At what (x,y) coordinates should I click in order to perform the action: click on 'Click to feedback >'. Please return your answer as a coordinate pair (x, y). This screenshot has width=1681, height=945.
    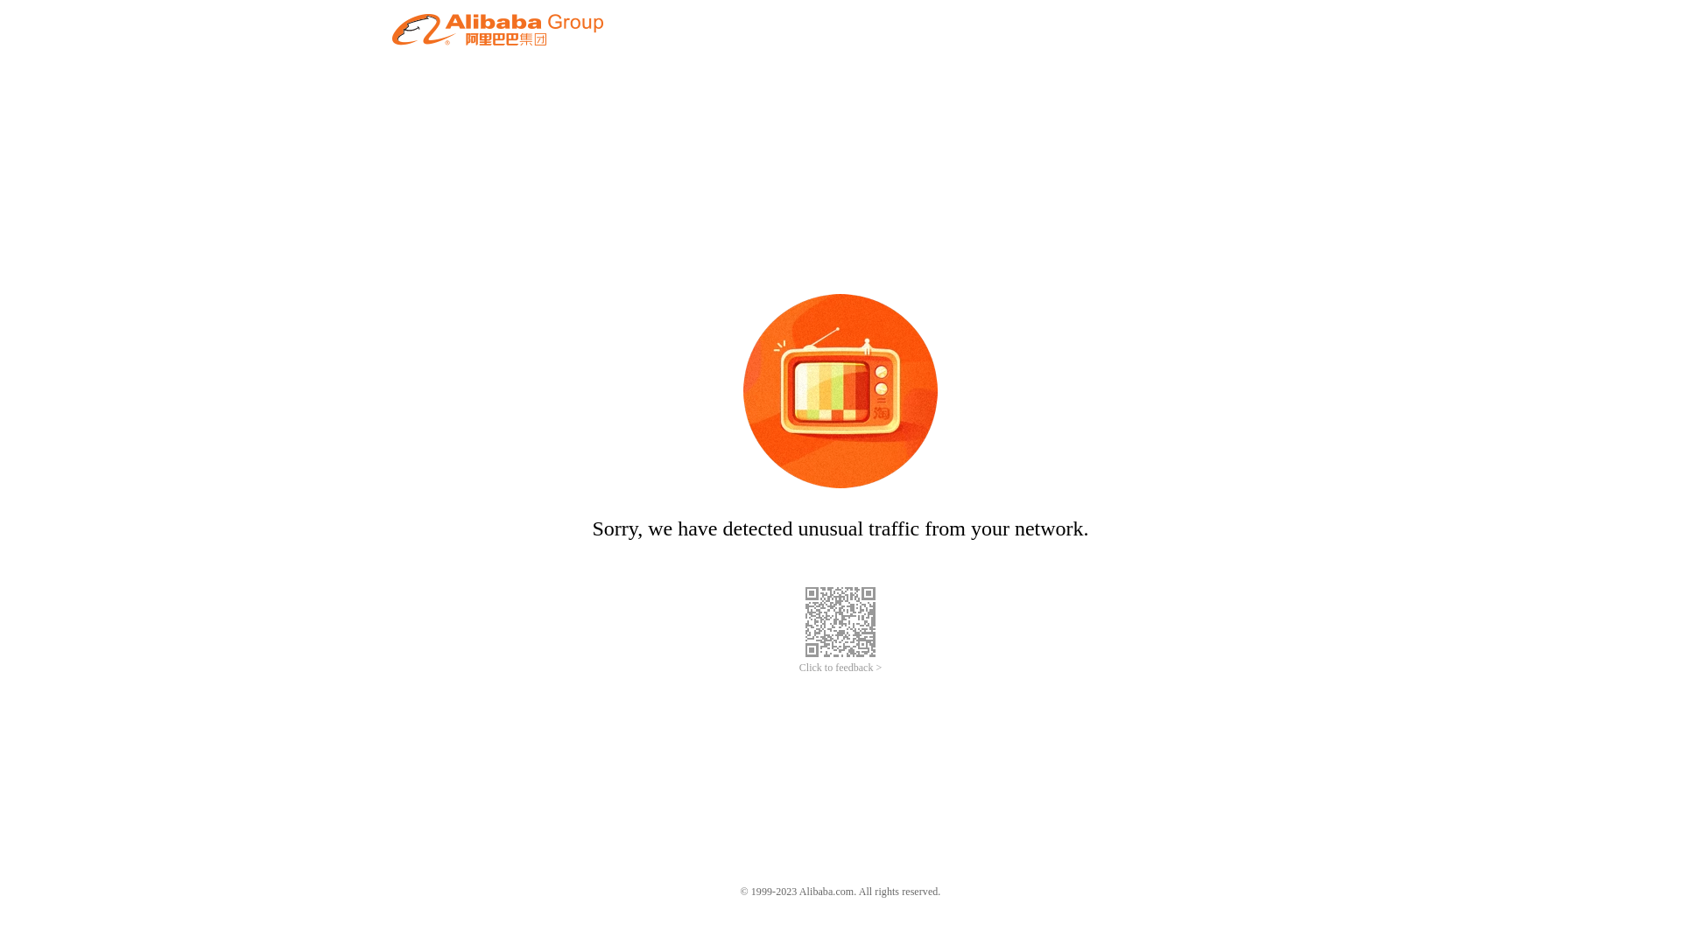
    Looking at the image, I should click on (840, 668).